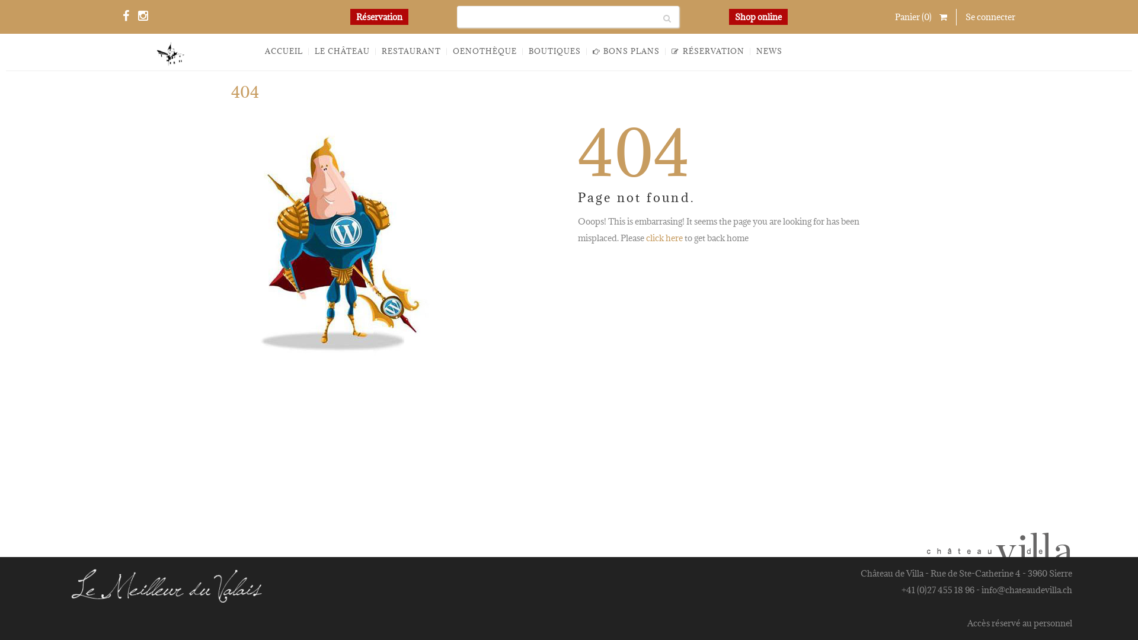 This screenshot has height=640, width=1138. Describe the element at coordinates (990, 17) in the screenshot. I see `'Se connecter'` at that location.